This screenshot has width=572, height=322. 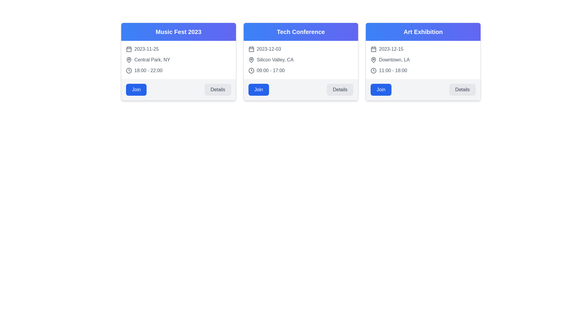 I want to click on the calendar icon located to the left of the date text '2023-12-15' in the 'Art Exhibition' event card, so click(x=373, y=49).